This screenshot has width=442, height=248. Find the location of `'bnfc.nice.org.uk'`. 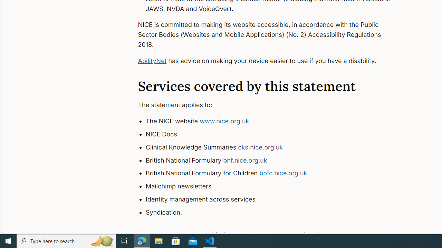

'bnfc.nice.org.uk' is located at coordinates (283, 173).